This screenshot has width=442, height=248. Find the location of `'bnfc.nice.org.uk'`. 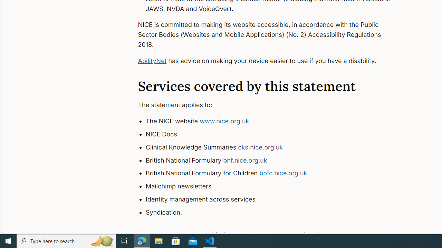

'bnfc.nice.org.uk' is located at coordinates (283, 173).